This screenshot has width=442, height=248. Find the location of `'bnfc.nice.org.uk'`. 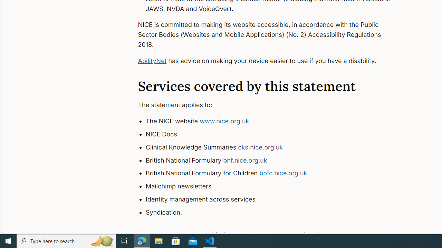

'bnfc.nice.org.uk' is located at coordinates (283, 173).